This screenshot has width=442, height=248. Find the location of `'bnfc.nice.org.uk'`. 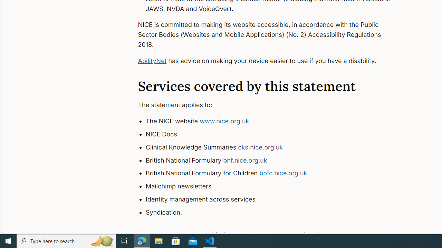

'bnfc.nice.org.uk' is located at coordinates (283, 173).